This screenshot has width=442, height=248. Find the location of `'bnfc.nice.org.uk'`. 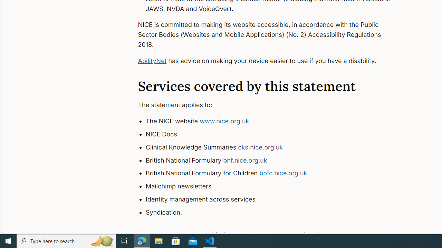

'bnfc.nice.org.uk' is located at coordinates (283, 173).